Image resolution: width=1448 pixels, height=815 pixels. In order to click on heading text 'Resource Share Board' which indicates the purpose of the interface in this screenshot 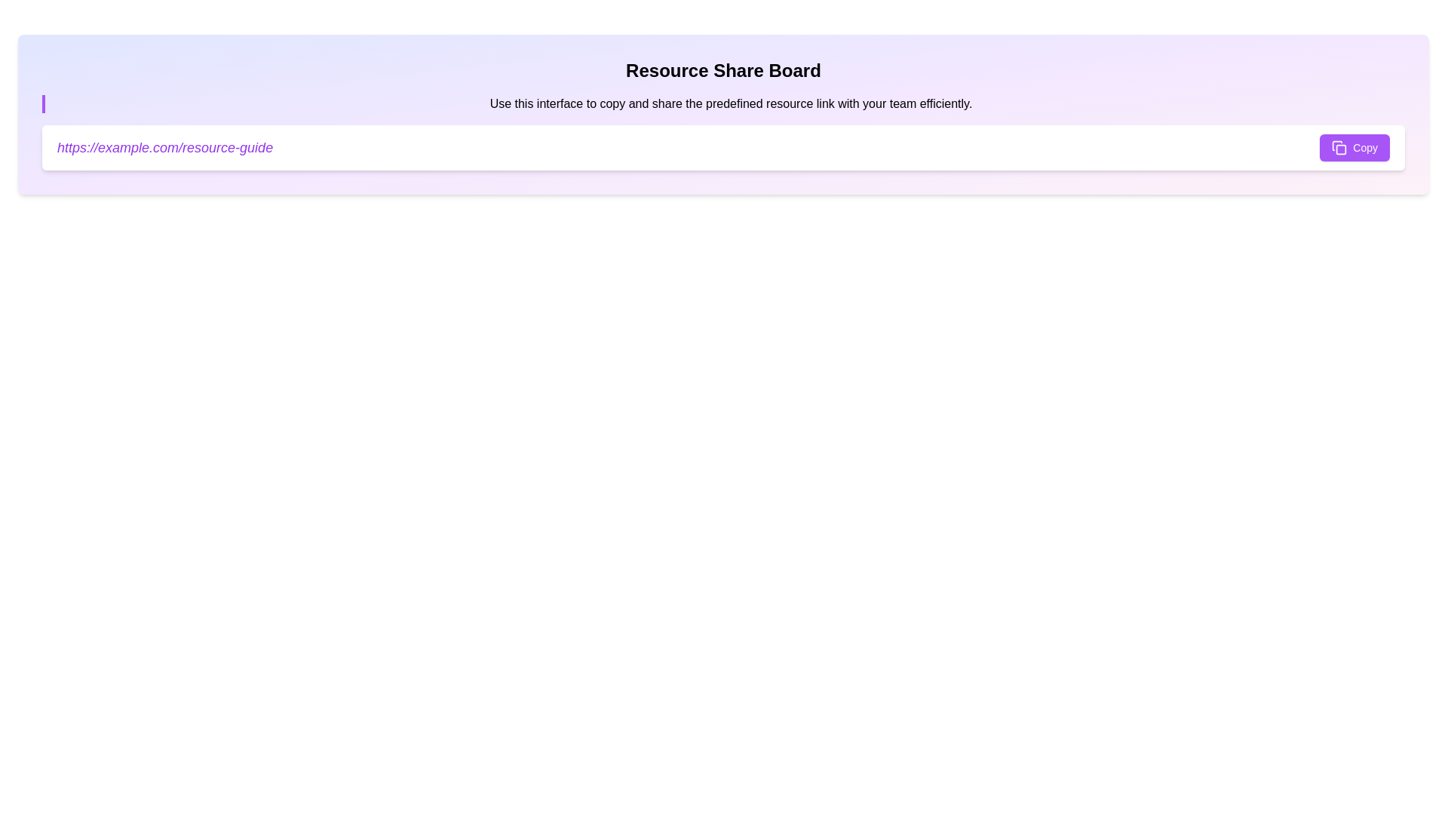, I will do `click(722, 70)`.